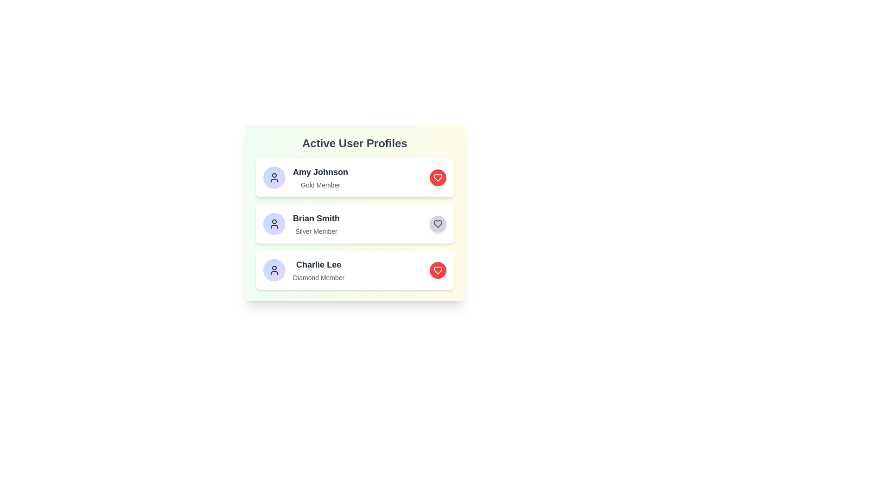 Image resolution: width=890 pixels, height=500 pixels. Describe the element at coordinates (438, 178) in the screenshot. I see `the circular button with a red background and a white heart icon located on the right side of the user card for 'Amy Johnson' in the 'Active User Profiles' section to like` at that location.